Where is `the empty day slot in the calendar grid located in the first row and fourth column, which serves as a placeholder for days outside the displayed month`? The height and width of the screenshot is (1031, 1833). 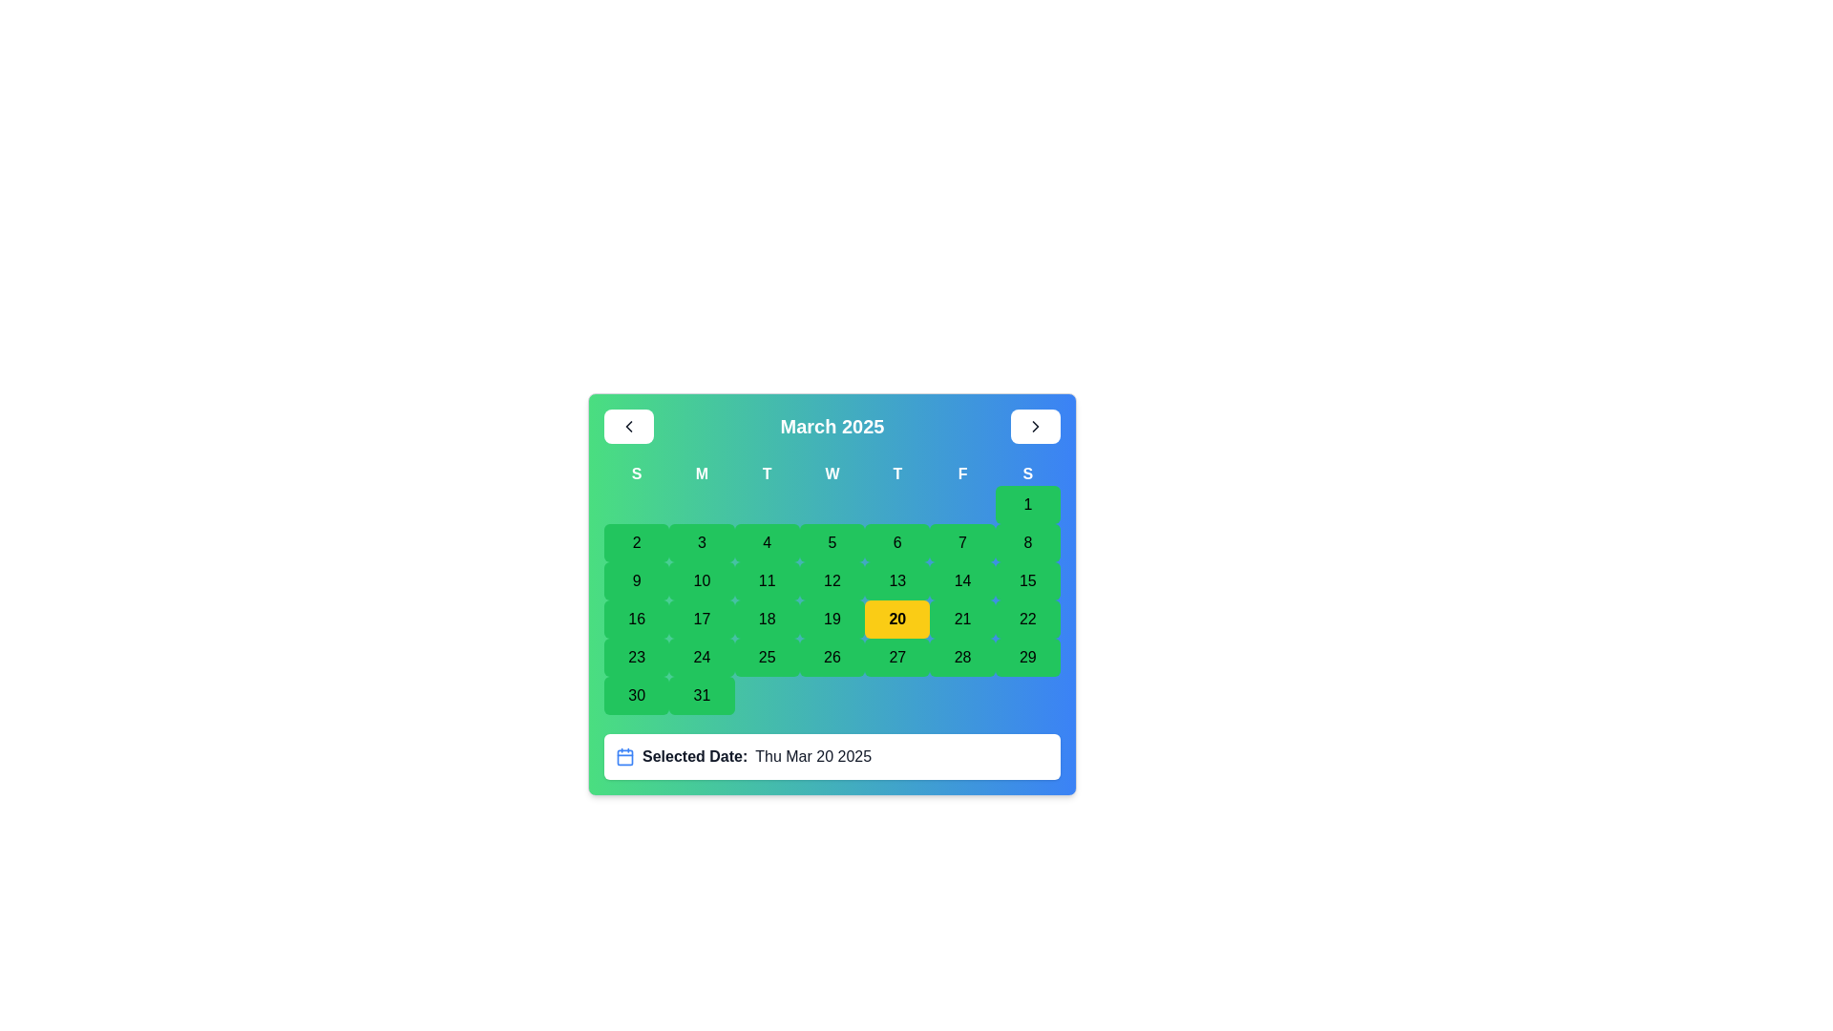 the empty day slot in the calendar grid located in the first row and fourth column, which serves as a placeholder for days outside the displayed month is located at coordinates (832, 503).